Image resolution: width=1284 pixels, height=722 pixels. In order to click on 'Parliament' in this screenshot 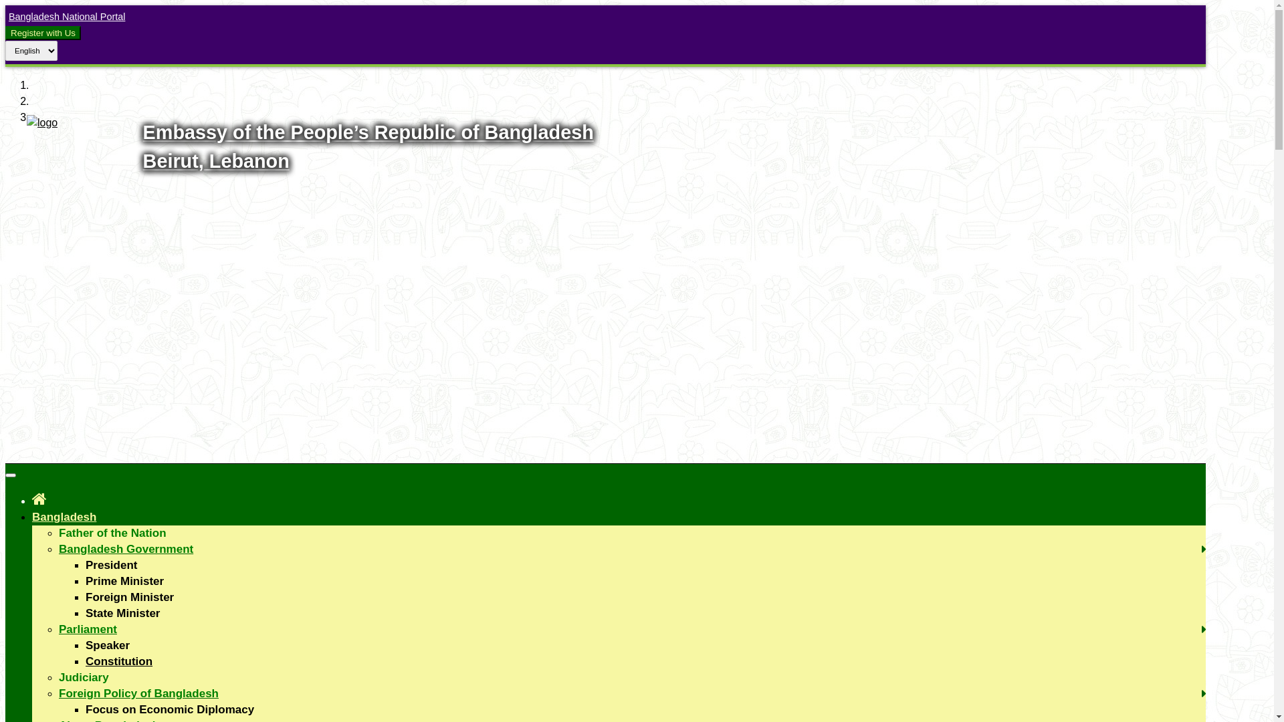, I will do `click(87, 629)`.